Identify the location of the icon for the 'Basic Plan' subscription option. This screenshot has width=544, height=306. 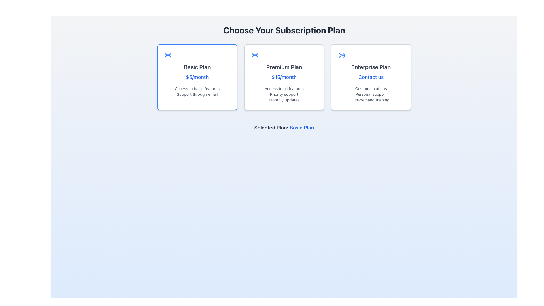
(168, 55).